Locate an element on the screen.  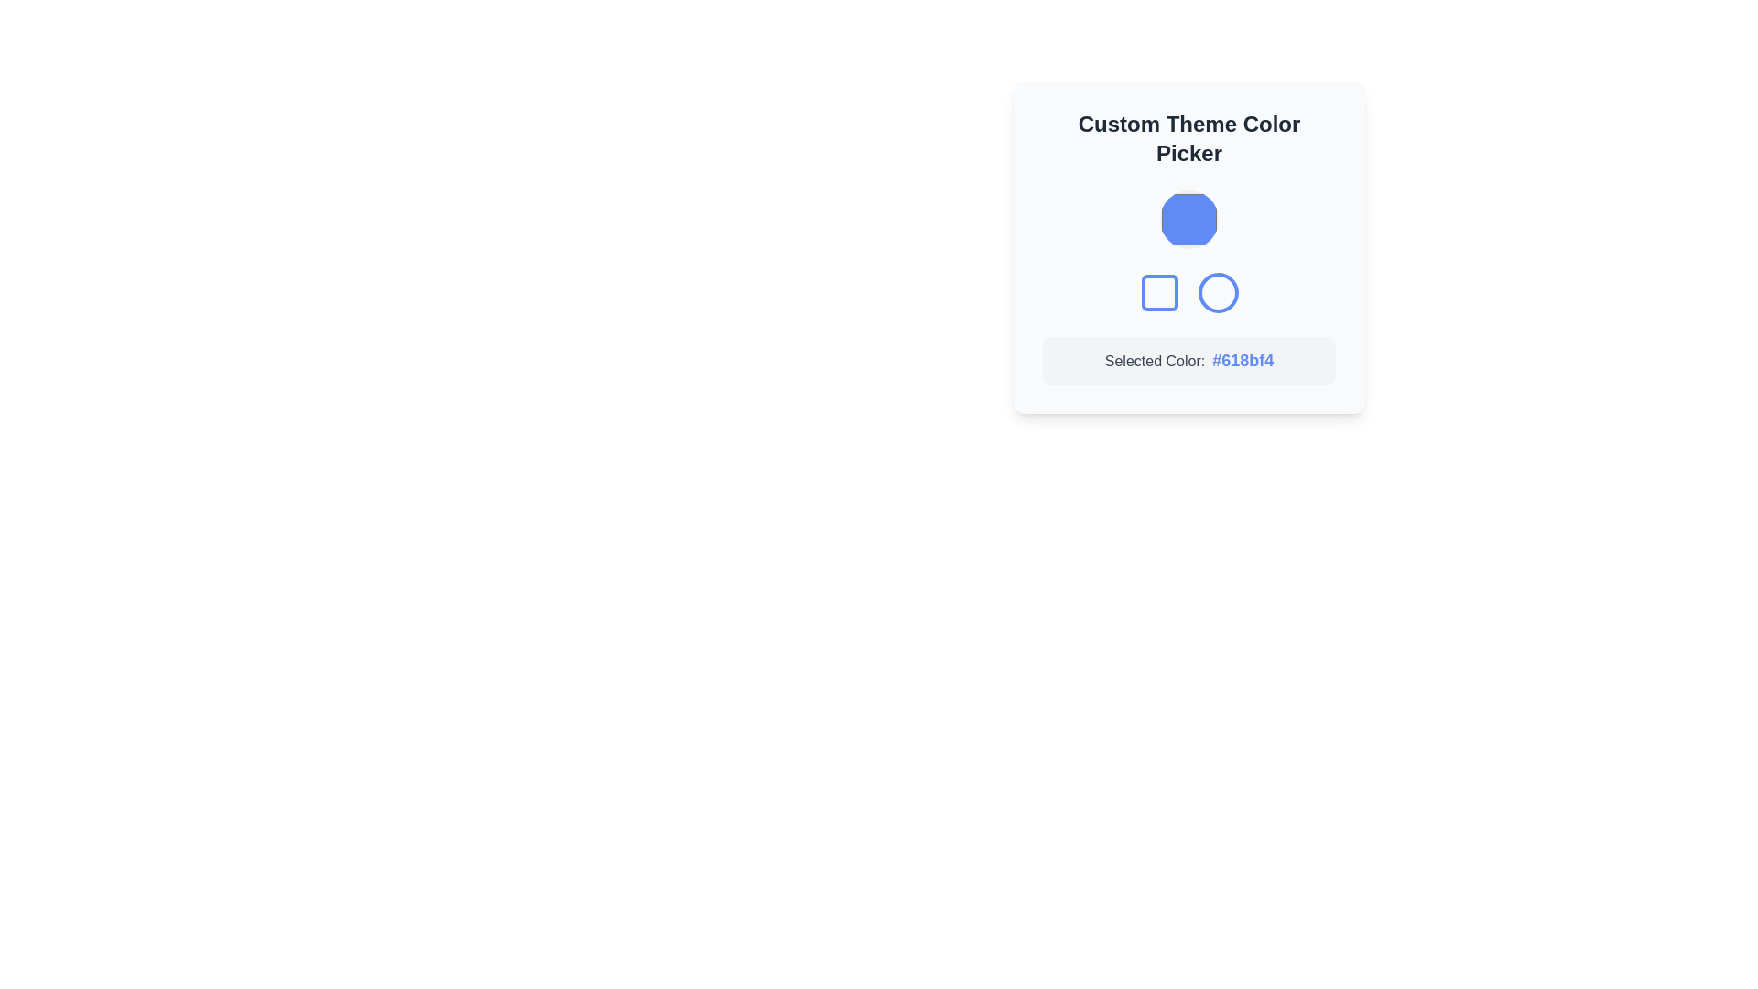
the Information display text that shows the currently selected color code '#618bf4', located at the bottom of the 'Custom Theme Color Picker' card is located at coordinates (1189, 360).